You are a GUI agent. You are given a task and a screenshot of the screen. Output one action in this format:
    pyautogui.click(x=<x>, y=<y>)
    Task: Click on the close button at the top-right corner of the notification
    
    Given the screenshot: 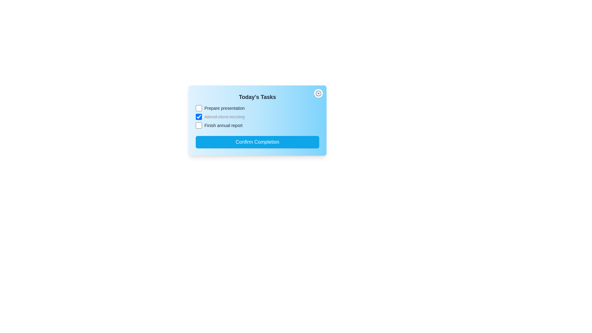 What is the action you would take?
    pyautogui.click(x=318, y=93)
    